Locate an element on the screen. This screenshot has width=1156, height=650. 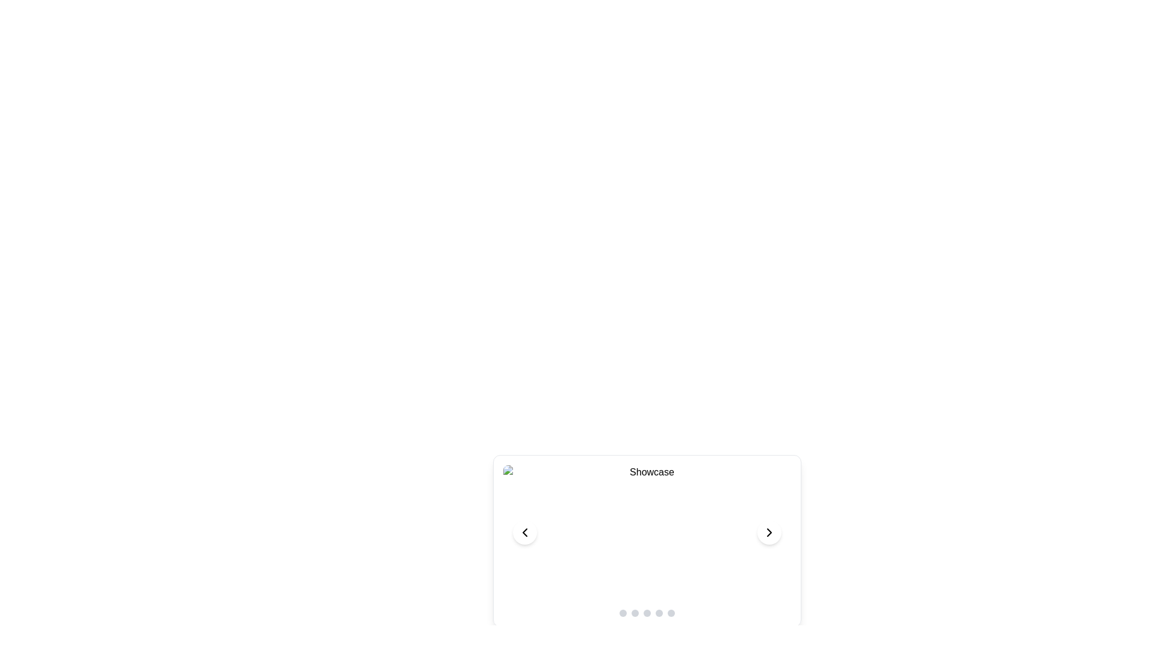
the circular button with a white background and black right chevron icon for keyboard navigation is located at coordinates (768, 531).